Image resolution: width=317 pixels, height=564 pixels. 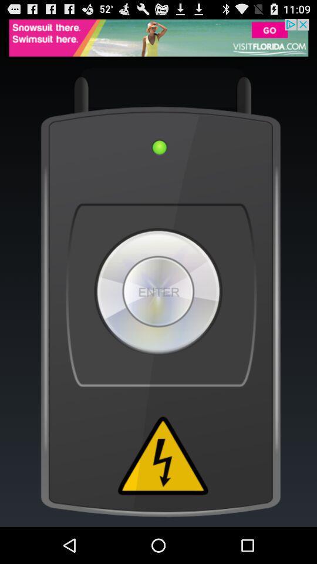 I want to click on switch to enter, so click(x=158, y=291).